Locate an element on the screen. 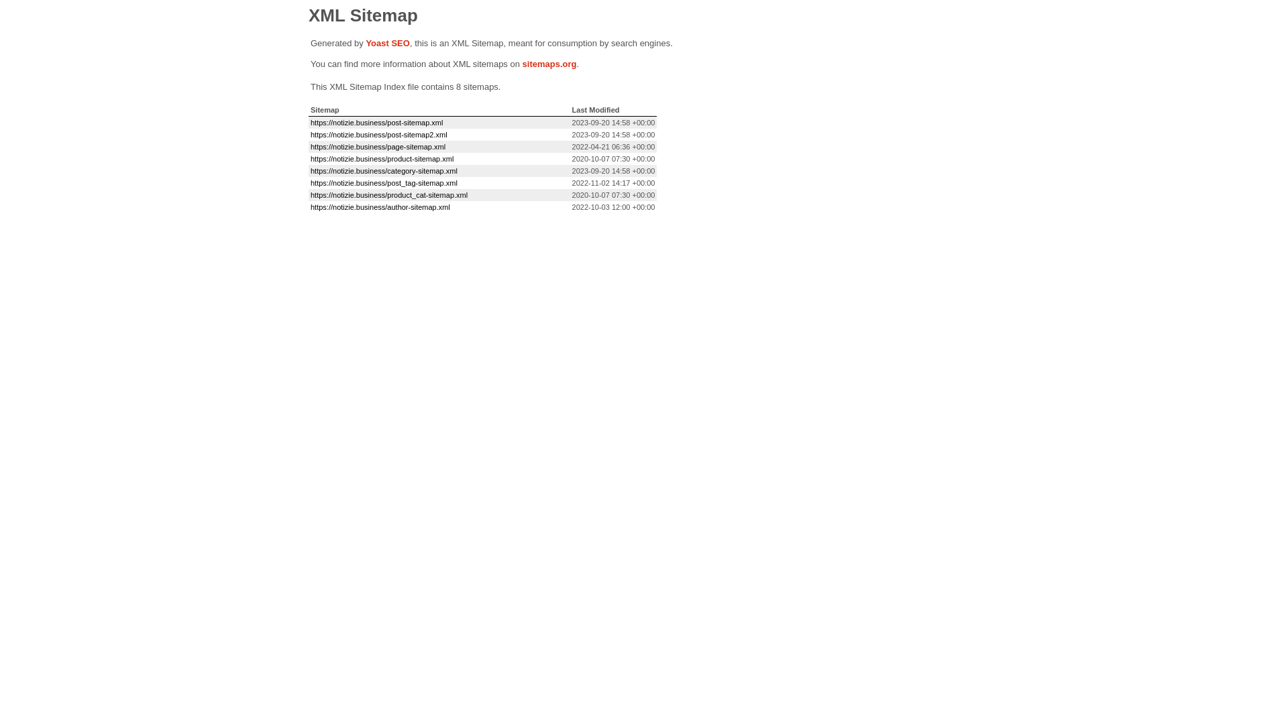 The image size is (1288, 724). 'https://notizie.business/author-sitemap.xml' is located at coordinates (379, 206).